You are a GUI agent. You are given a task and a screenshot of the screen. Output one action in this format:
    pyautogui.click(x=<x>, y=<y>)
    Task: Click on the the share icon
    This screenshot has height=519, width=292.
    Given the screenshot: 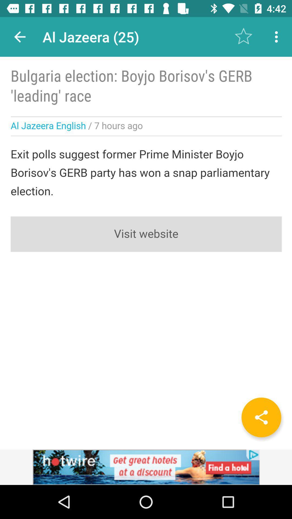 What is the action you would take?
    pyautogui.click(x=261, y=417)
    